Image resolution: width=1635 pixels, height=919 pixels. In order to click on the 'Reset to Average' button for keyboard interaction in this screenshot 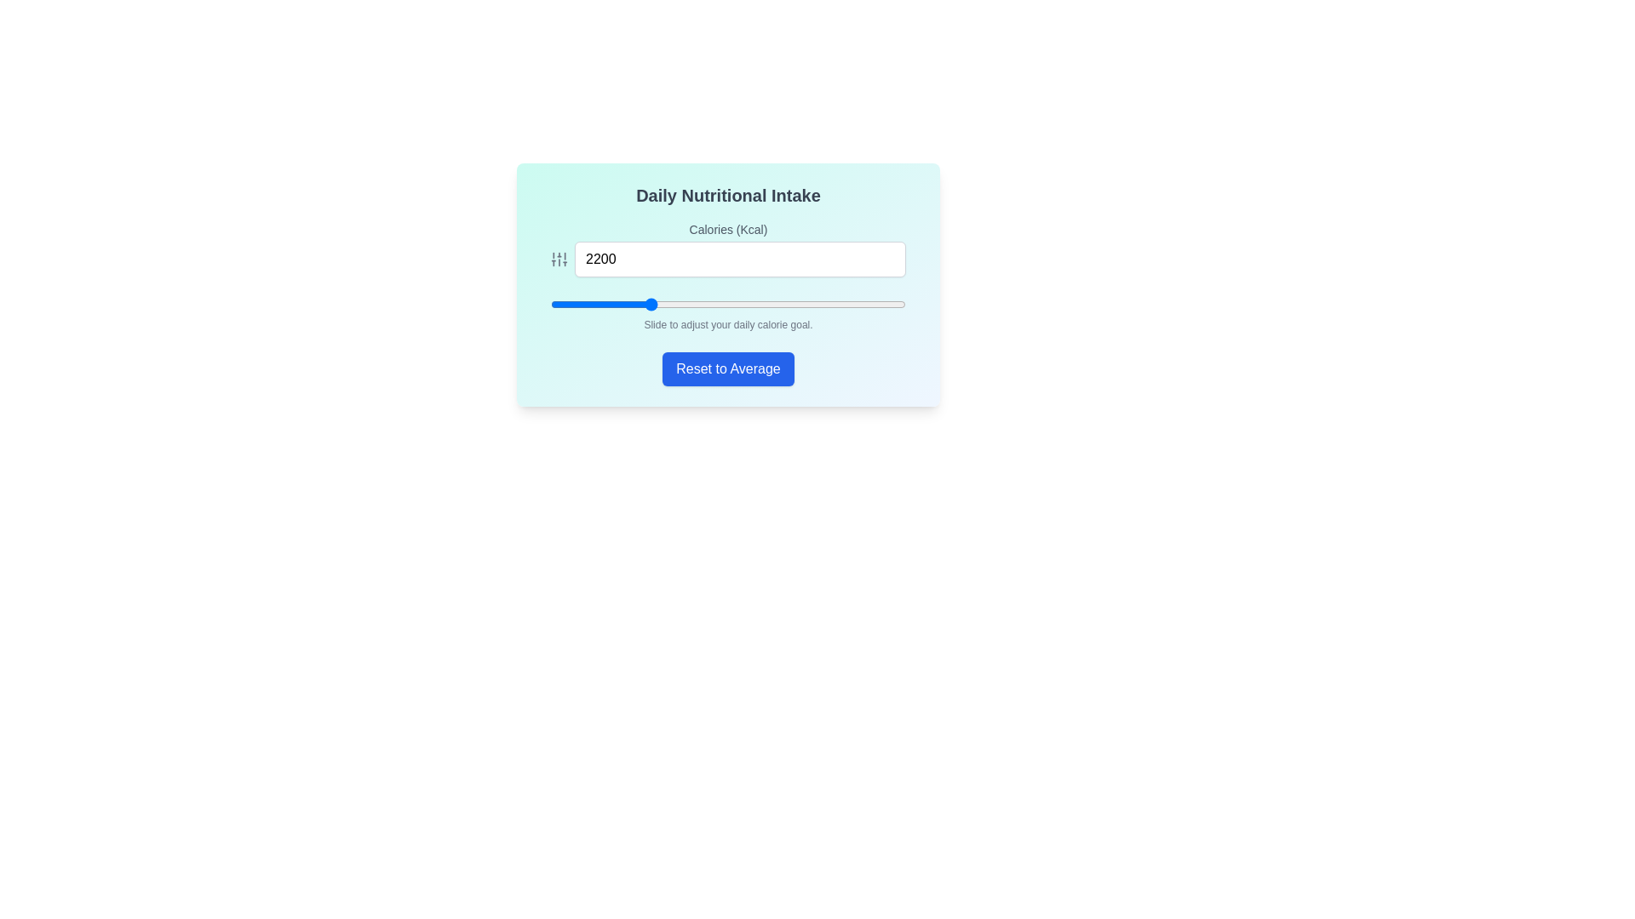, I will do `click(728, 368)`.